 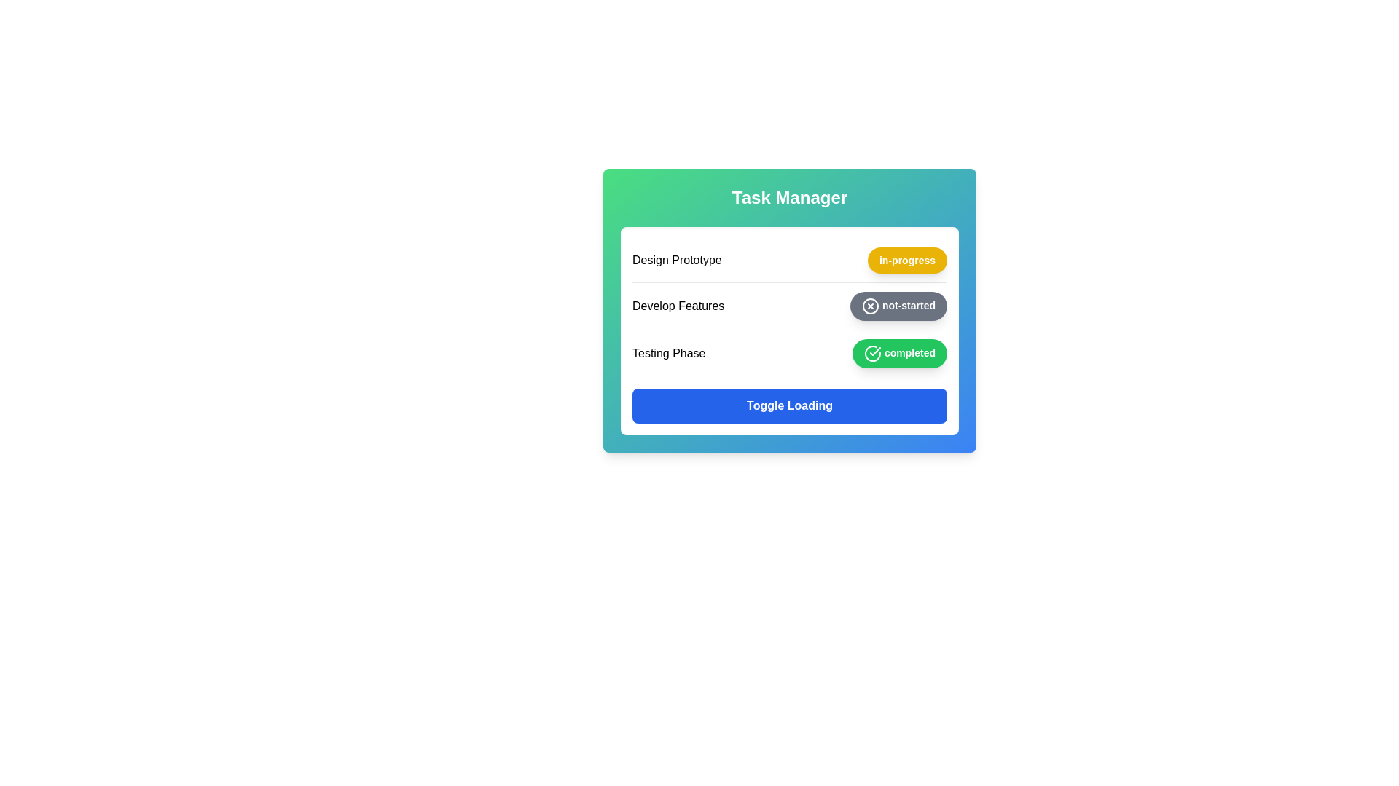 What do you see at coordinates (870, 305) in the screenshot?
I see `the 'not-started' status icon, which is a circular icon with an 'X' in the center, located within a gray circular button in the second row of the task status list inside a modal` at bounding box center [870, 305].